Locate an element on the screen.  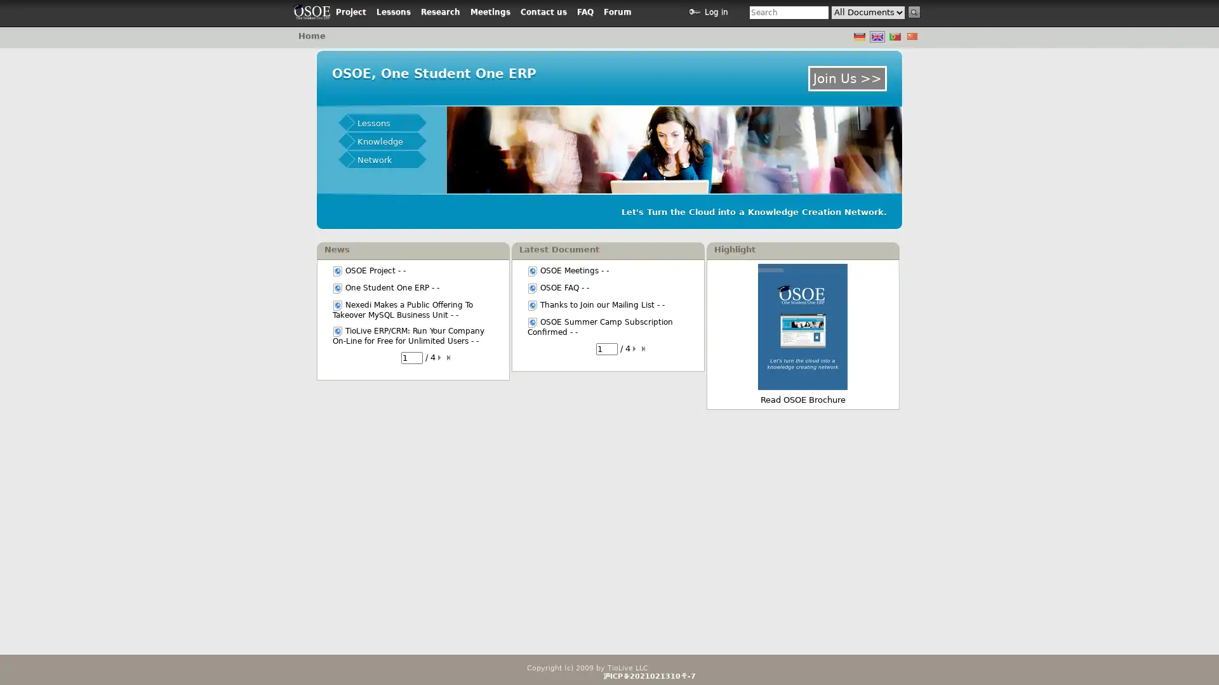
Last Page is located at coordinates (450, 357).